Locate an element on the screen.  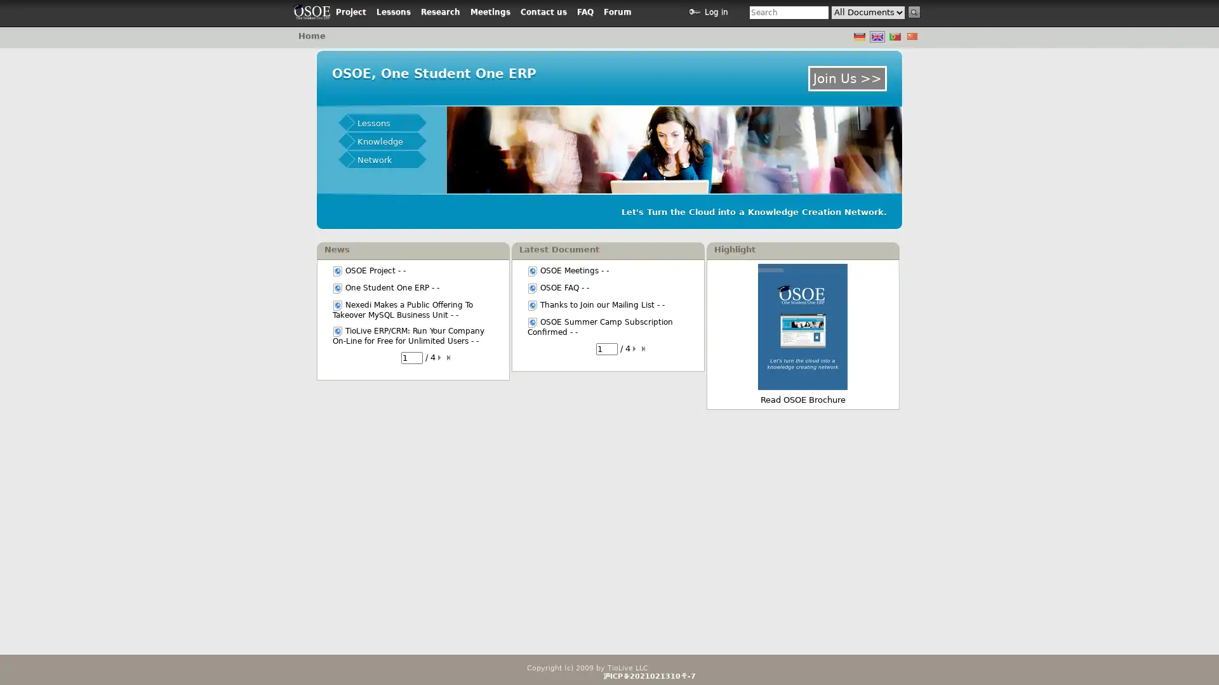
Last Page is located at coordinates (450, 357).